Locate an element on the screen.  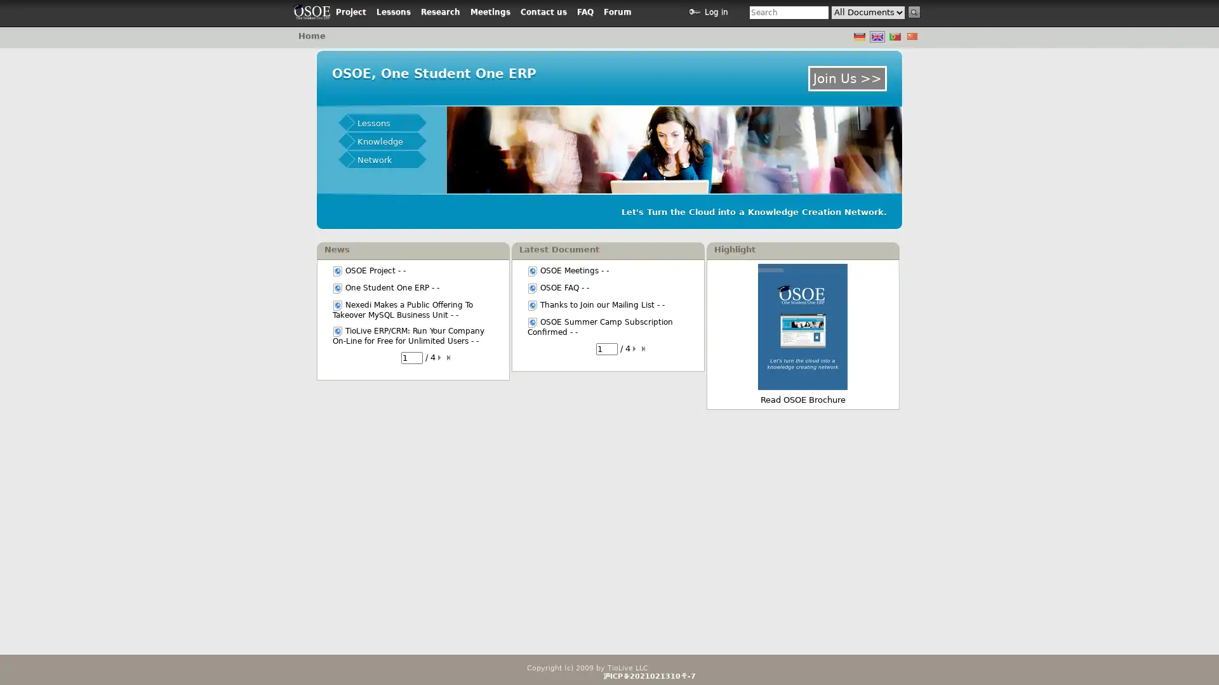
Last Page is located at coordinates (450, 357).